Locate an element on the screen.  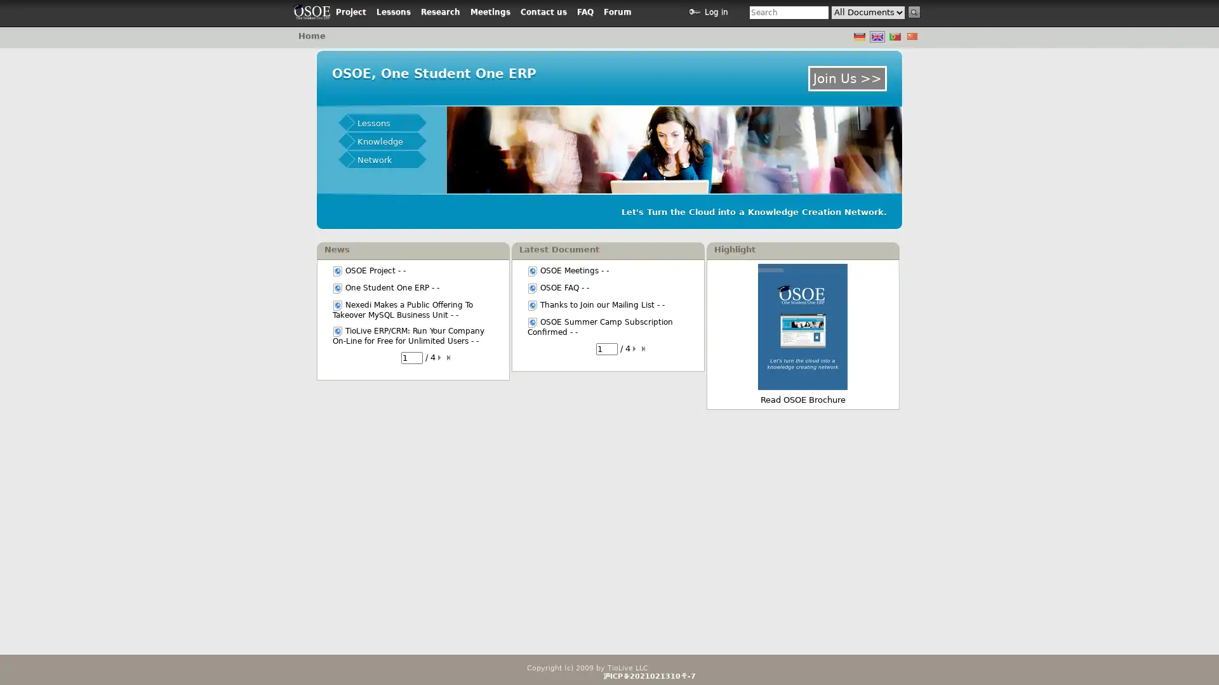
Last Page is located at coordinates (450, 357).